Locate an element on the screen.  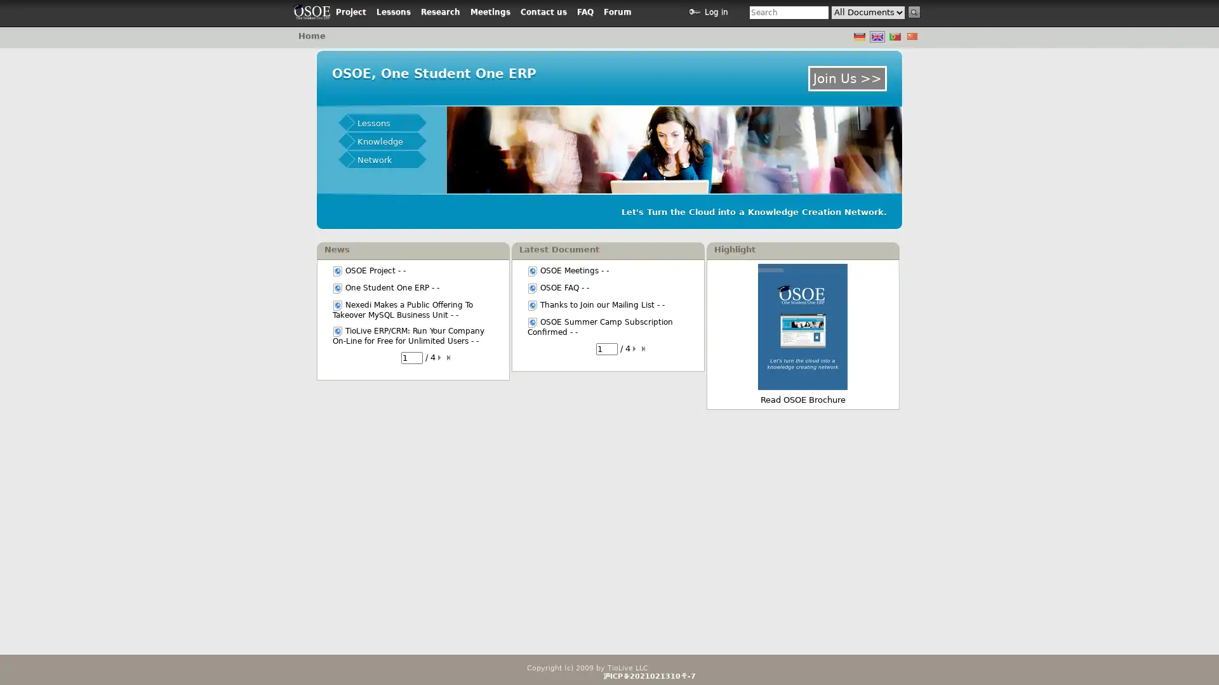
Last Page is located at coordinates (450, 357).